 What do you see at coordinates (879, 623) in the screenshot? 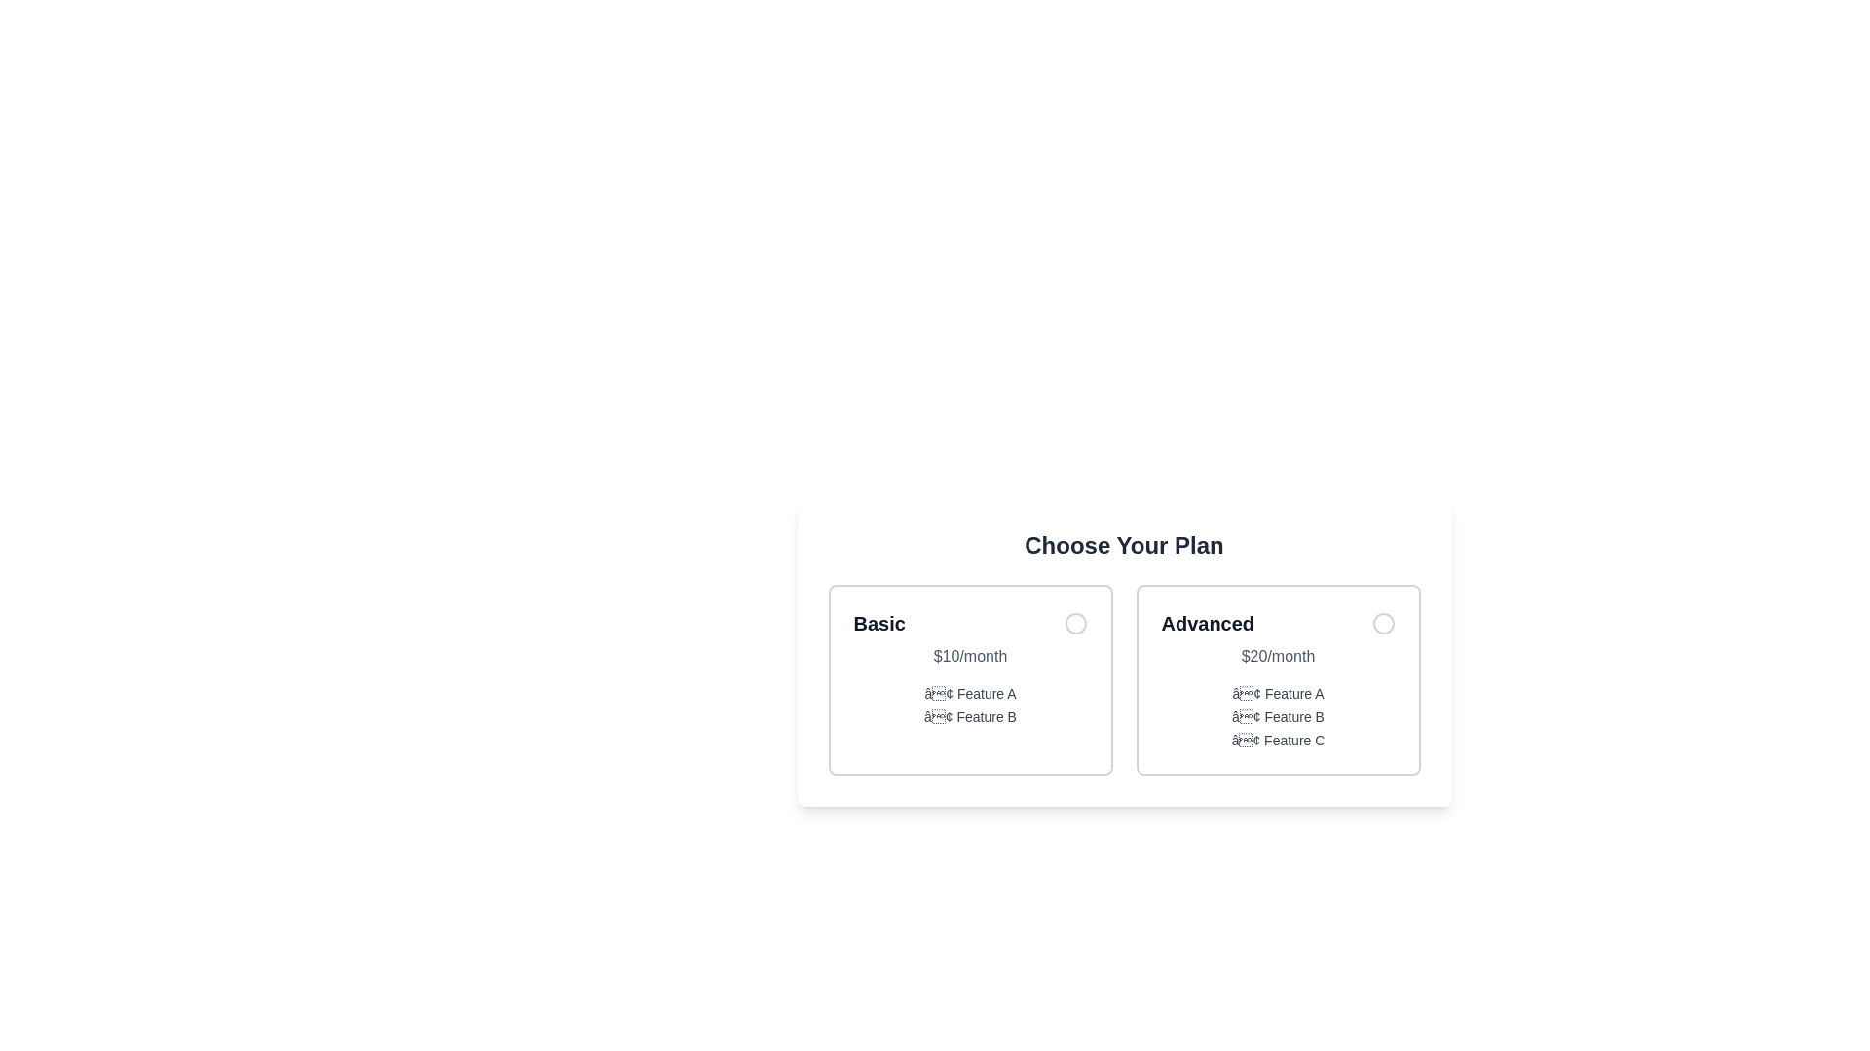
I see `the title text label for the 'Basic' plan option` at bounding box center [879, 623].